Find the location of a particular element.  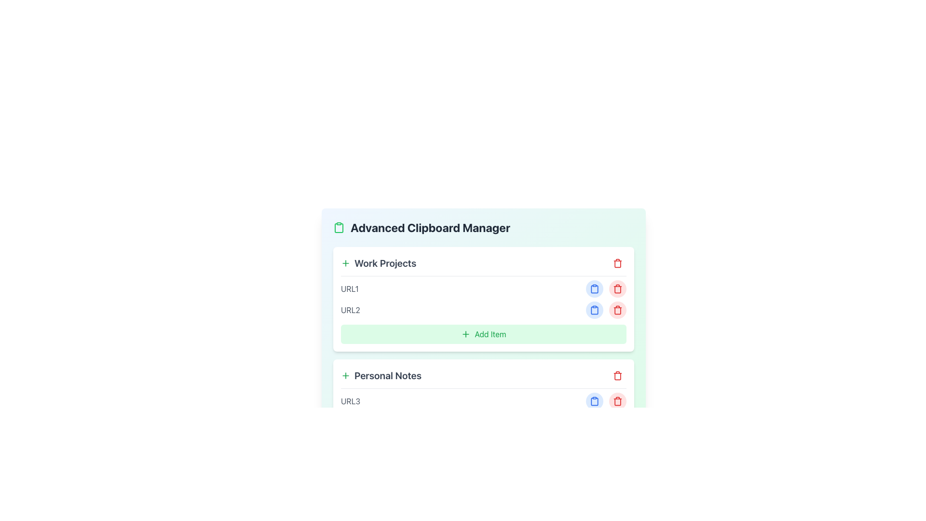

the clipboard icon located in the 'Personal Notes' section to initiate the copy action is located at coordinates (594, 401).